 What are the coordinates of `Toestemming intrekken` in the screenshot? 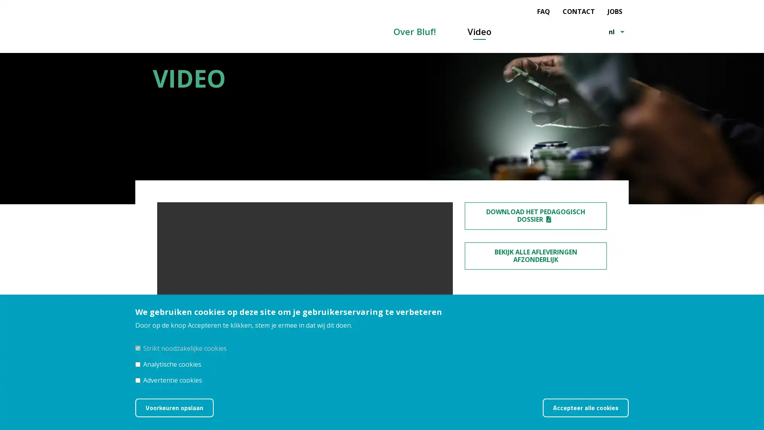 It's located at (639, 402).